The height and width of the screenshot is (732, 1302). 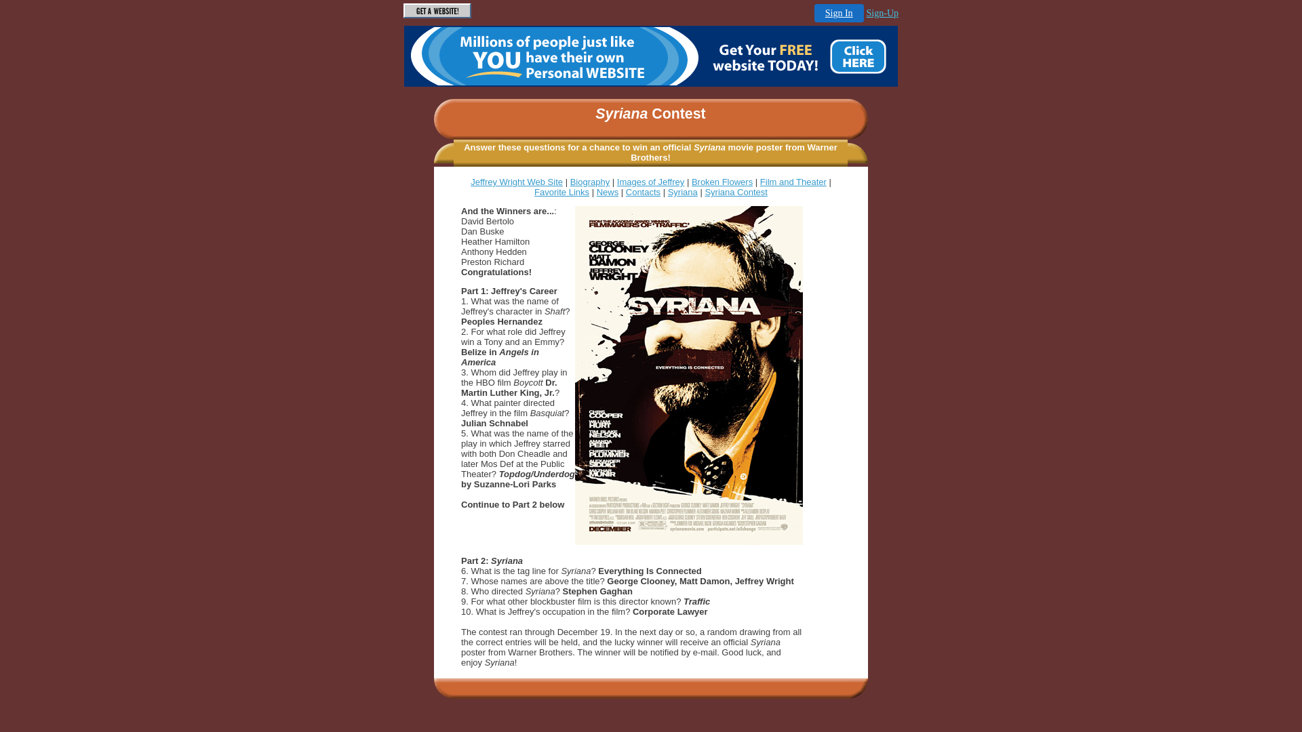 What do you see at coordinates (882, 13) in the screenshot?
I see `'Sign-Up'` at bounding box center [882, 13].